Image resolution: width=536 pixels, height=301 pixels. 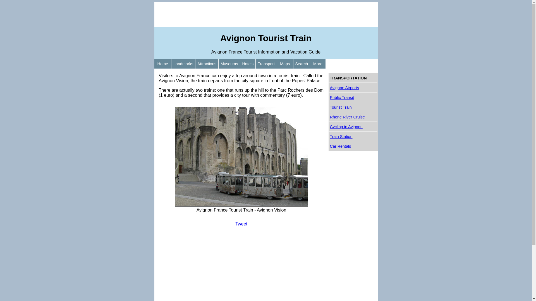 What do you see at coordinates (229, 63) in the screenshot?
I see `'Museums'` at bounding box center [229, 63].